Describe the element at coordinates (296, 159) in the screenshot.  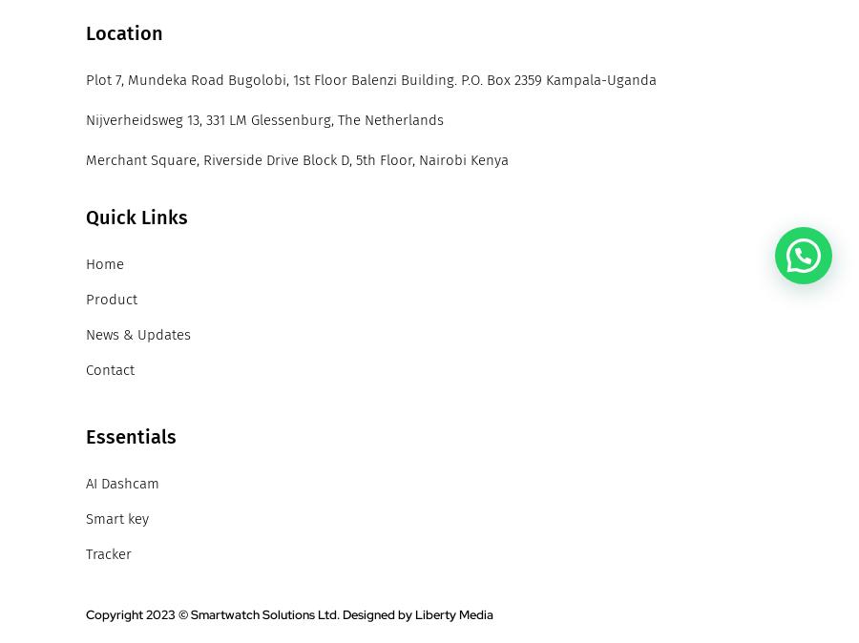
I see `'Merchant Square, Riverside Drive Block D, 5th Floor, Nairobi Kenya'` at that location.